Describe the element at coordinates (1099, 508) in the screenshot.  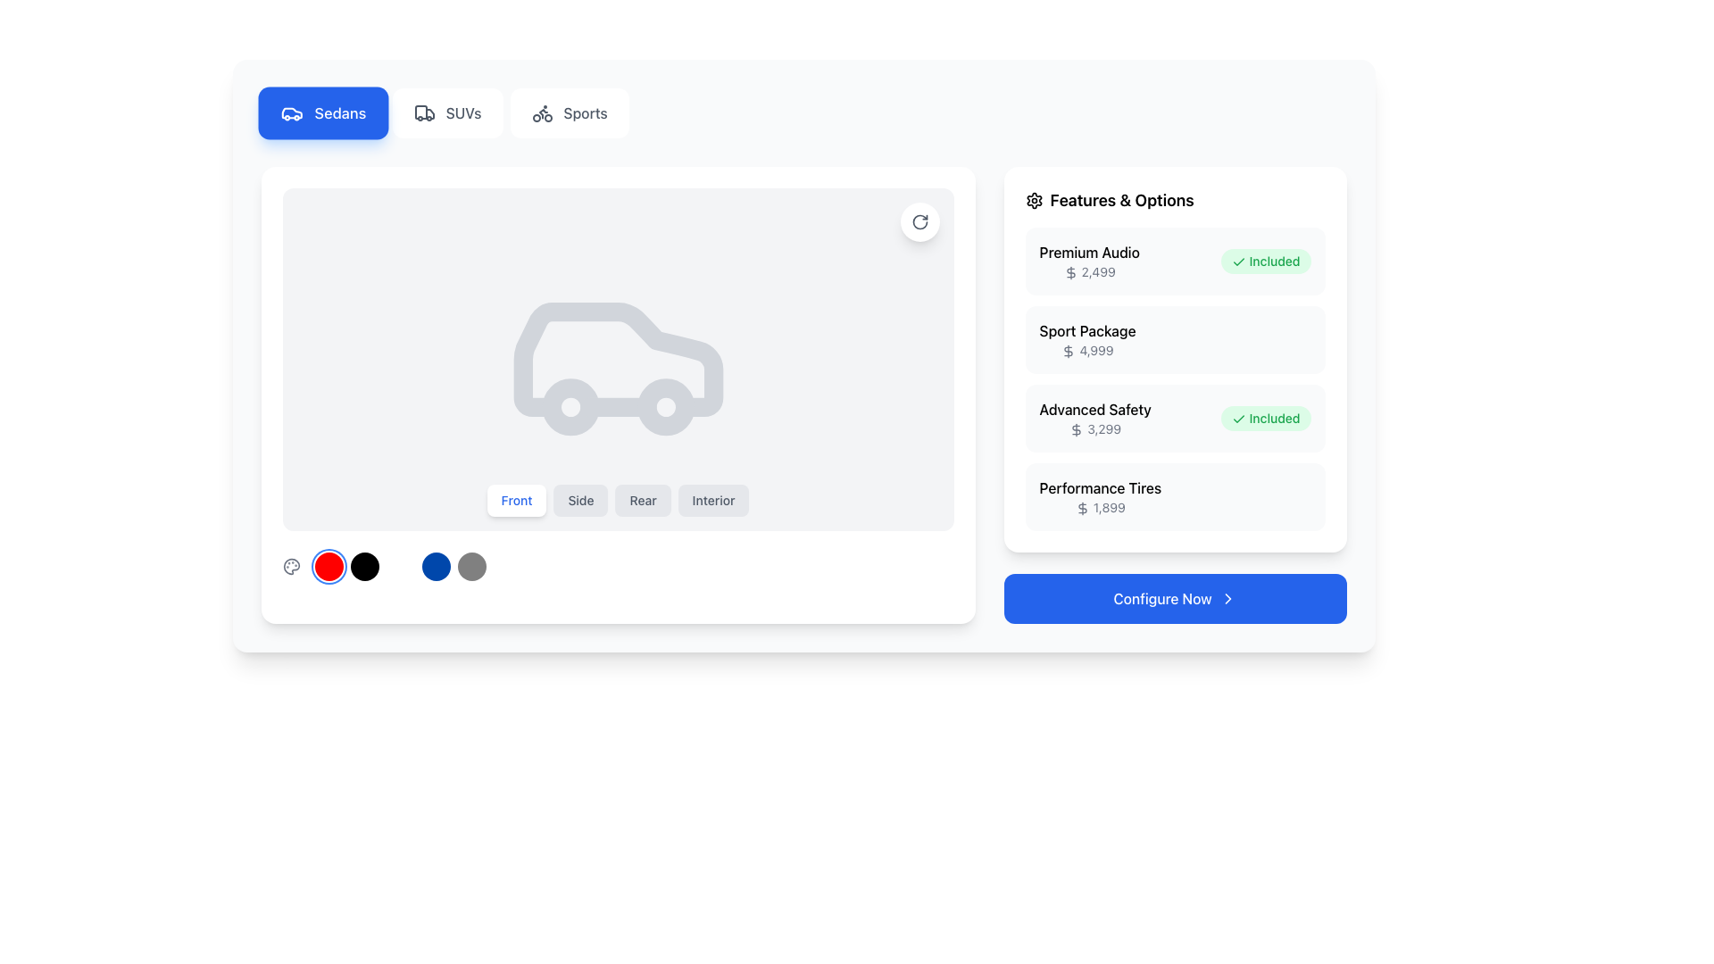
I see `the price label displaying '1,899' in gray text, located beneath the 'Performance Tires' section title in the 'Features & Options' panel` at that location.